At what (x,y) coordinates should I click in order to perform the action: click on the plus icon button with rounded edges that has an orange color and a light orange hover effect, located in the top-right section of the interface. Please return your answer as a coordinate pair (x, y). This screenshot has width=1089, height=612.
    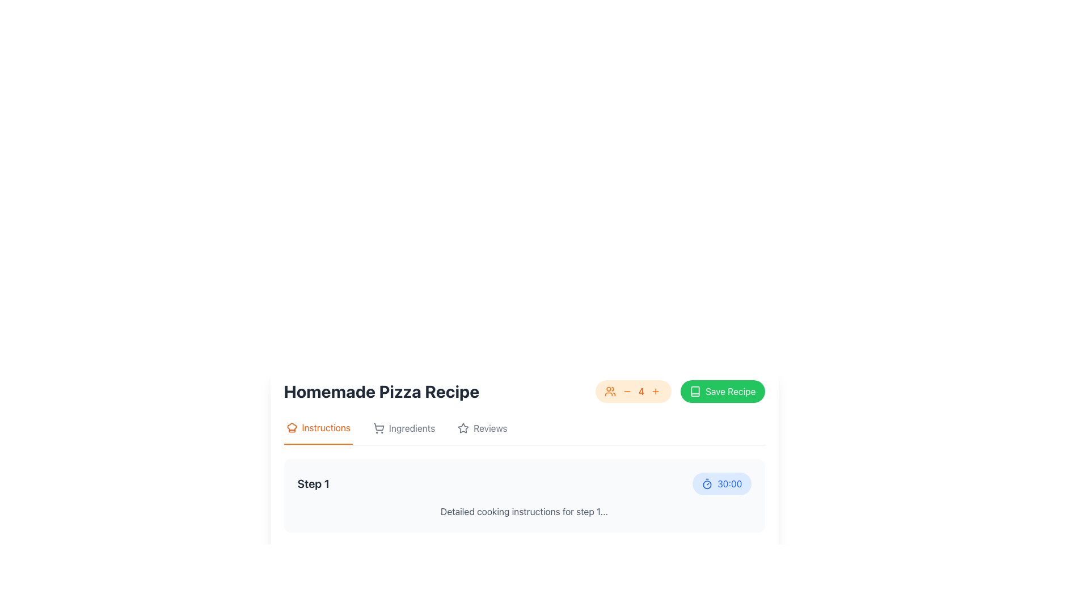
    Looking at the image, I should click on (656, 390).